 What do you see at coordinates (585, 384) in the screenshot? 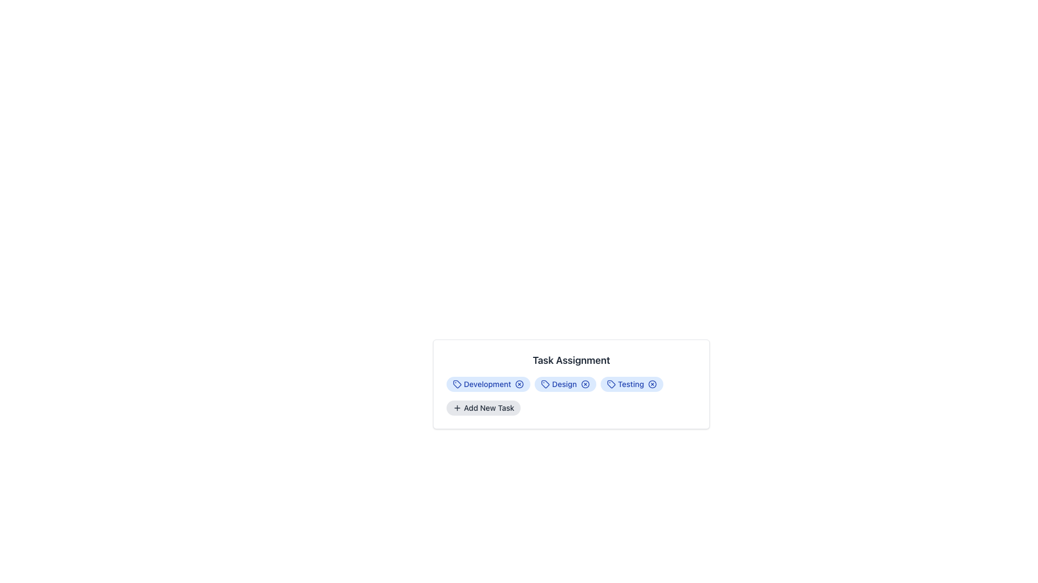
I see `the small circular icon with a blue outline resembling an 'X' within the 'Design' tag using keyboard navigation` at bounding box center [585, 384].